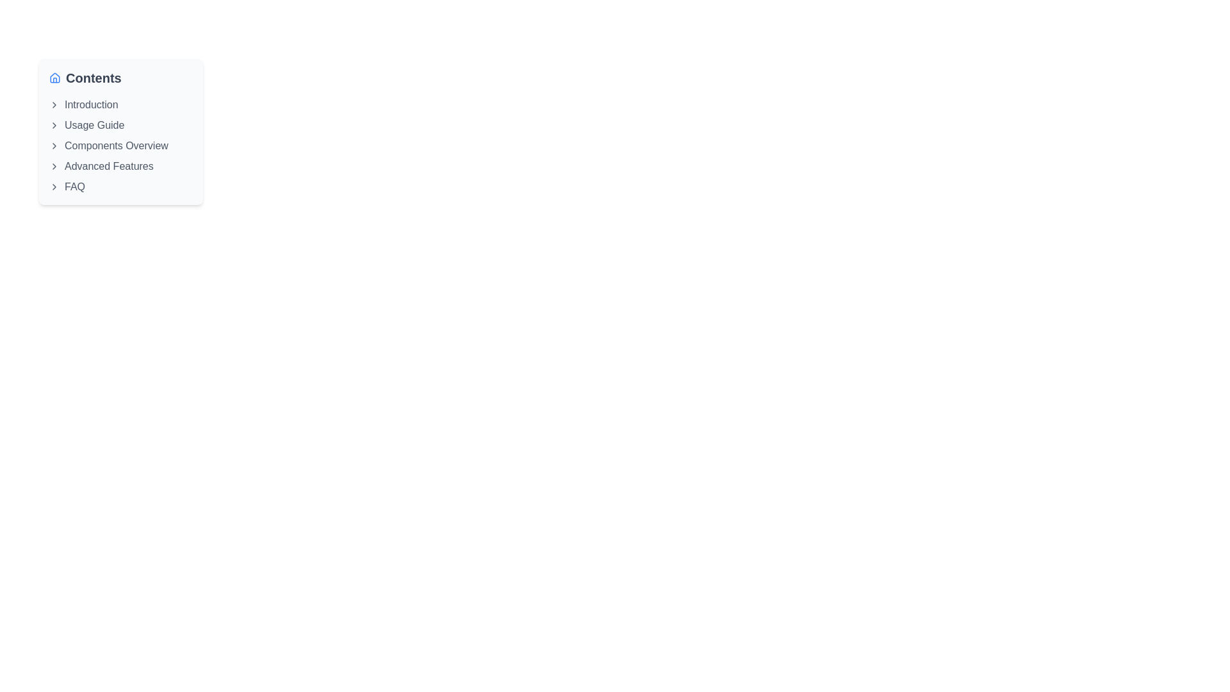 The image size is (1230, 692). What do you see at coordinates (54, 165) in the screenshot?
I see `the small right-pointing chevron icon located to the left of the 'Advanced Features' text label in the sidebar menu` at bounding box center [54, 165].